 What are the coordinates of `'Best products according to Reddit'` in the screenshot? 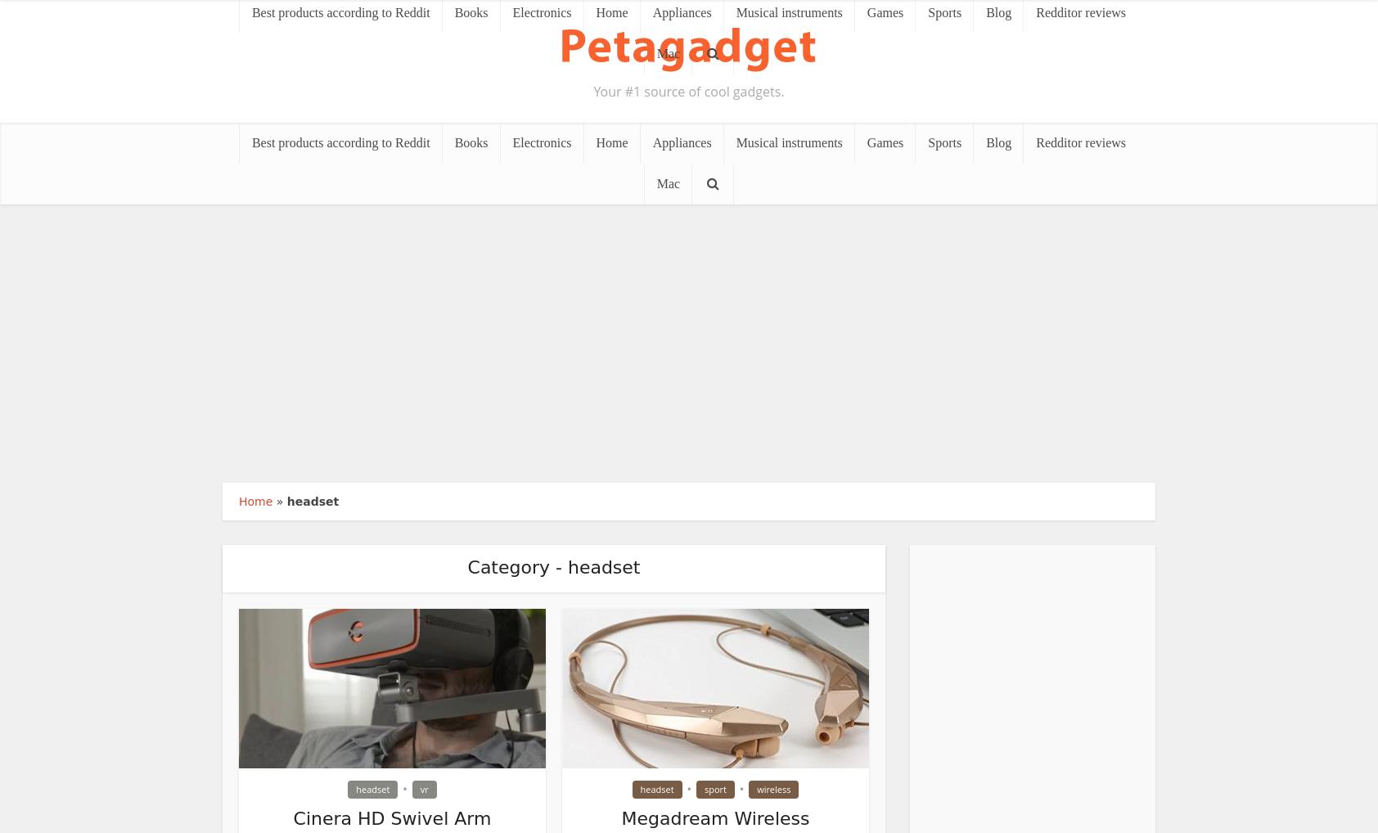 It's located at (340, 142).